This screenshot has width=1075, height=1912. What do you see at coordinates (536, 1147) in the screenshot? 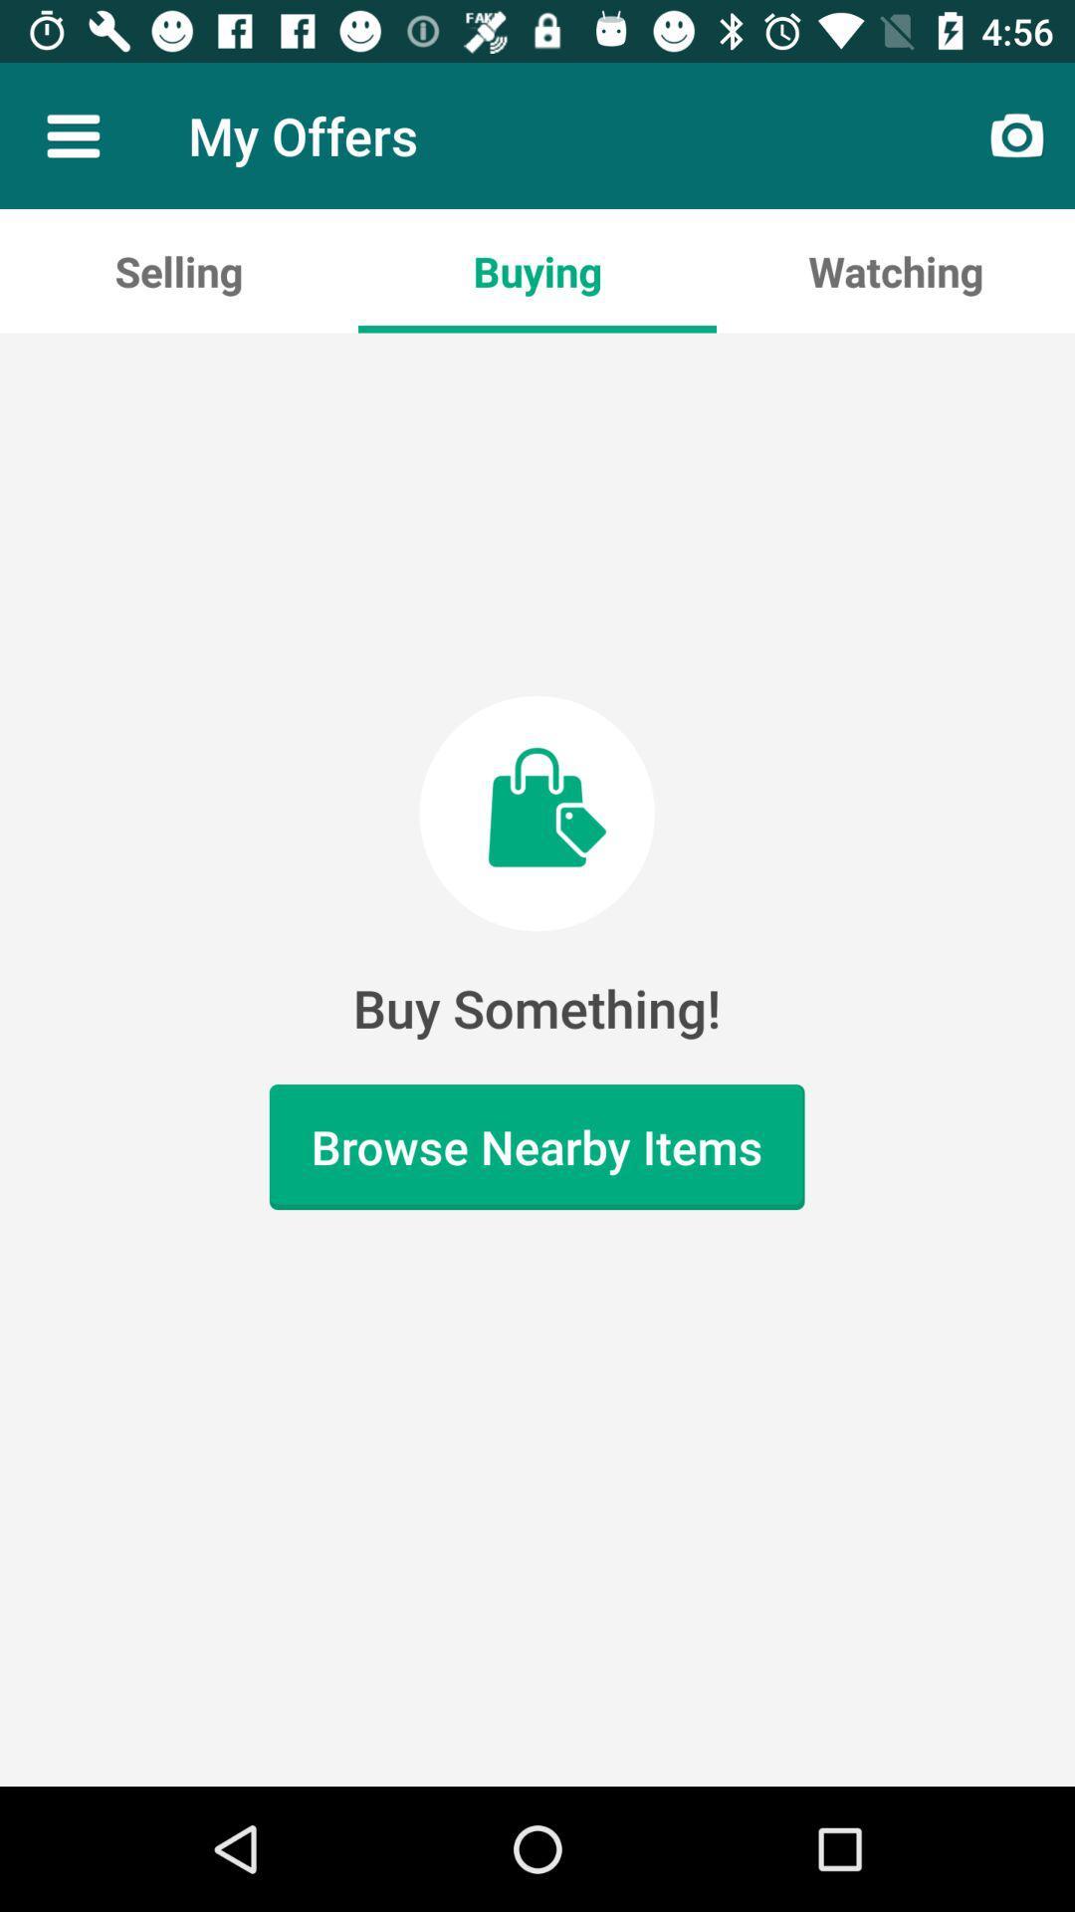
I see `the browse nearby items icon` at bounding box center [536, 1147].